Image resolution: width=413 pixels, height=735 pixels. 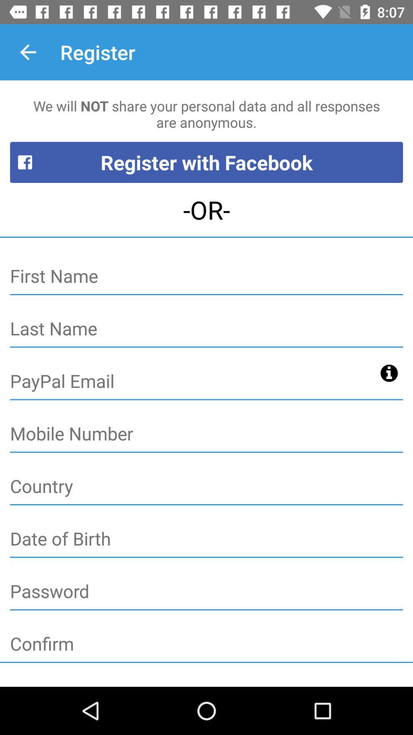 What do you see at coordinates (206, 162) in the screenshot?
I see `icon below we will not icon` at bounding box center [206, 162].